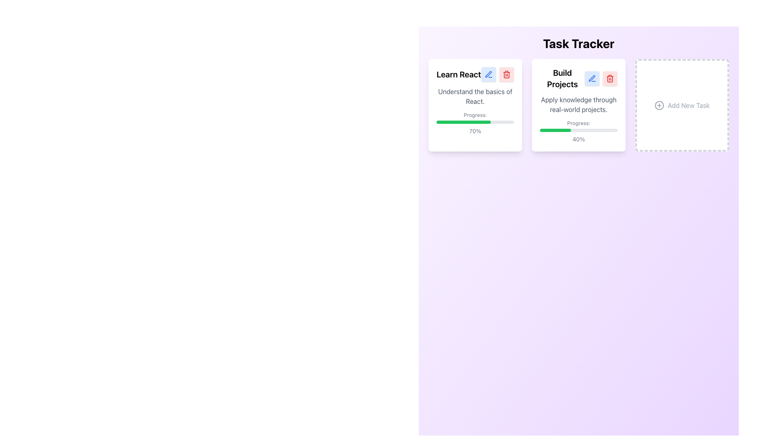 The image size is (782, 440). What do you see at coordinates (578, 104) in the screenshot?
I see `the text segment reading 'Apply knowledge through real-world projects.' which is styled in medium gray color, located in the second card from the left in the 'Task Tracker' interface, positioned between the card title 'Build Projects' and the progress bar` at bounding box center [578, 104].